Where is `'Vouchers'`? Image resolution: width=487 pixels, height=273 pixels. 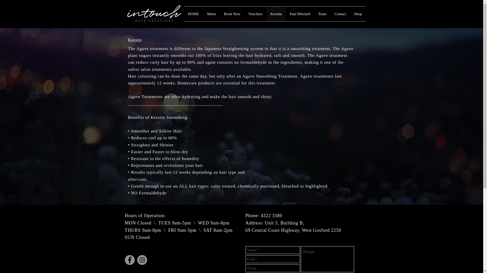
'Vouchers' is located at coordinates (255, 13).